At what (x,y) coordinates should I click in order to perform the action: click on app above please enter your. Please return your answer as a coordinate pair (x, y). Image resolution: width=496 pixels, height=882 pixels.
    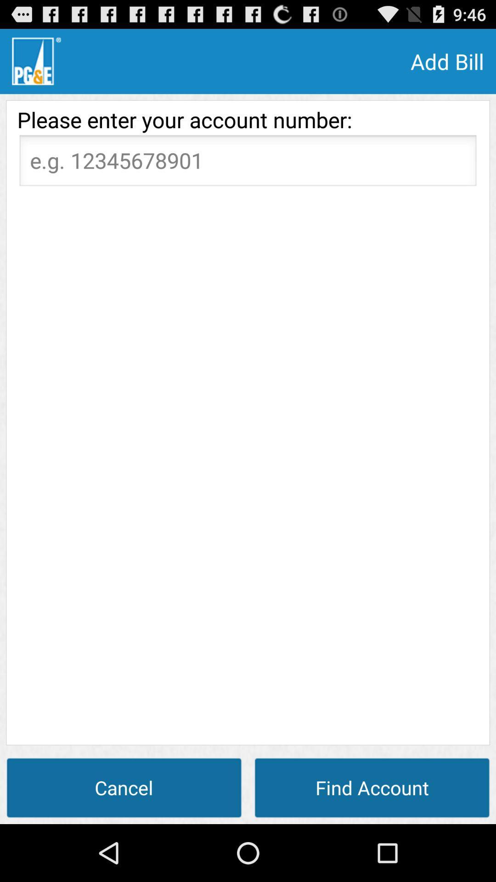
    Looking at the image, I should click on (36, 61).